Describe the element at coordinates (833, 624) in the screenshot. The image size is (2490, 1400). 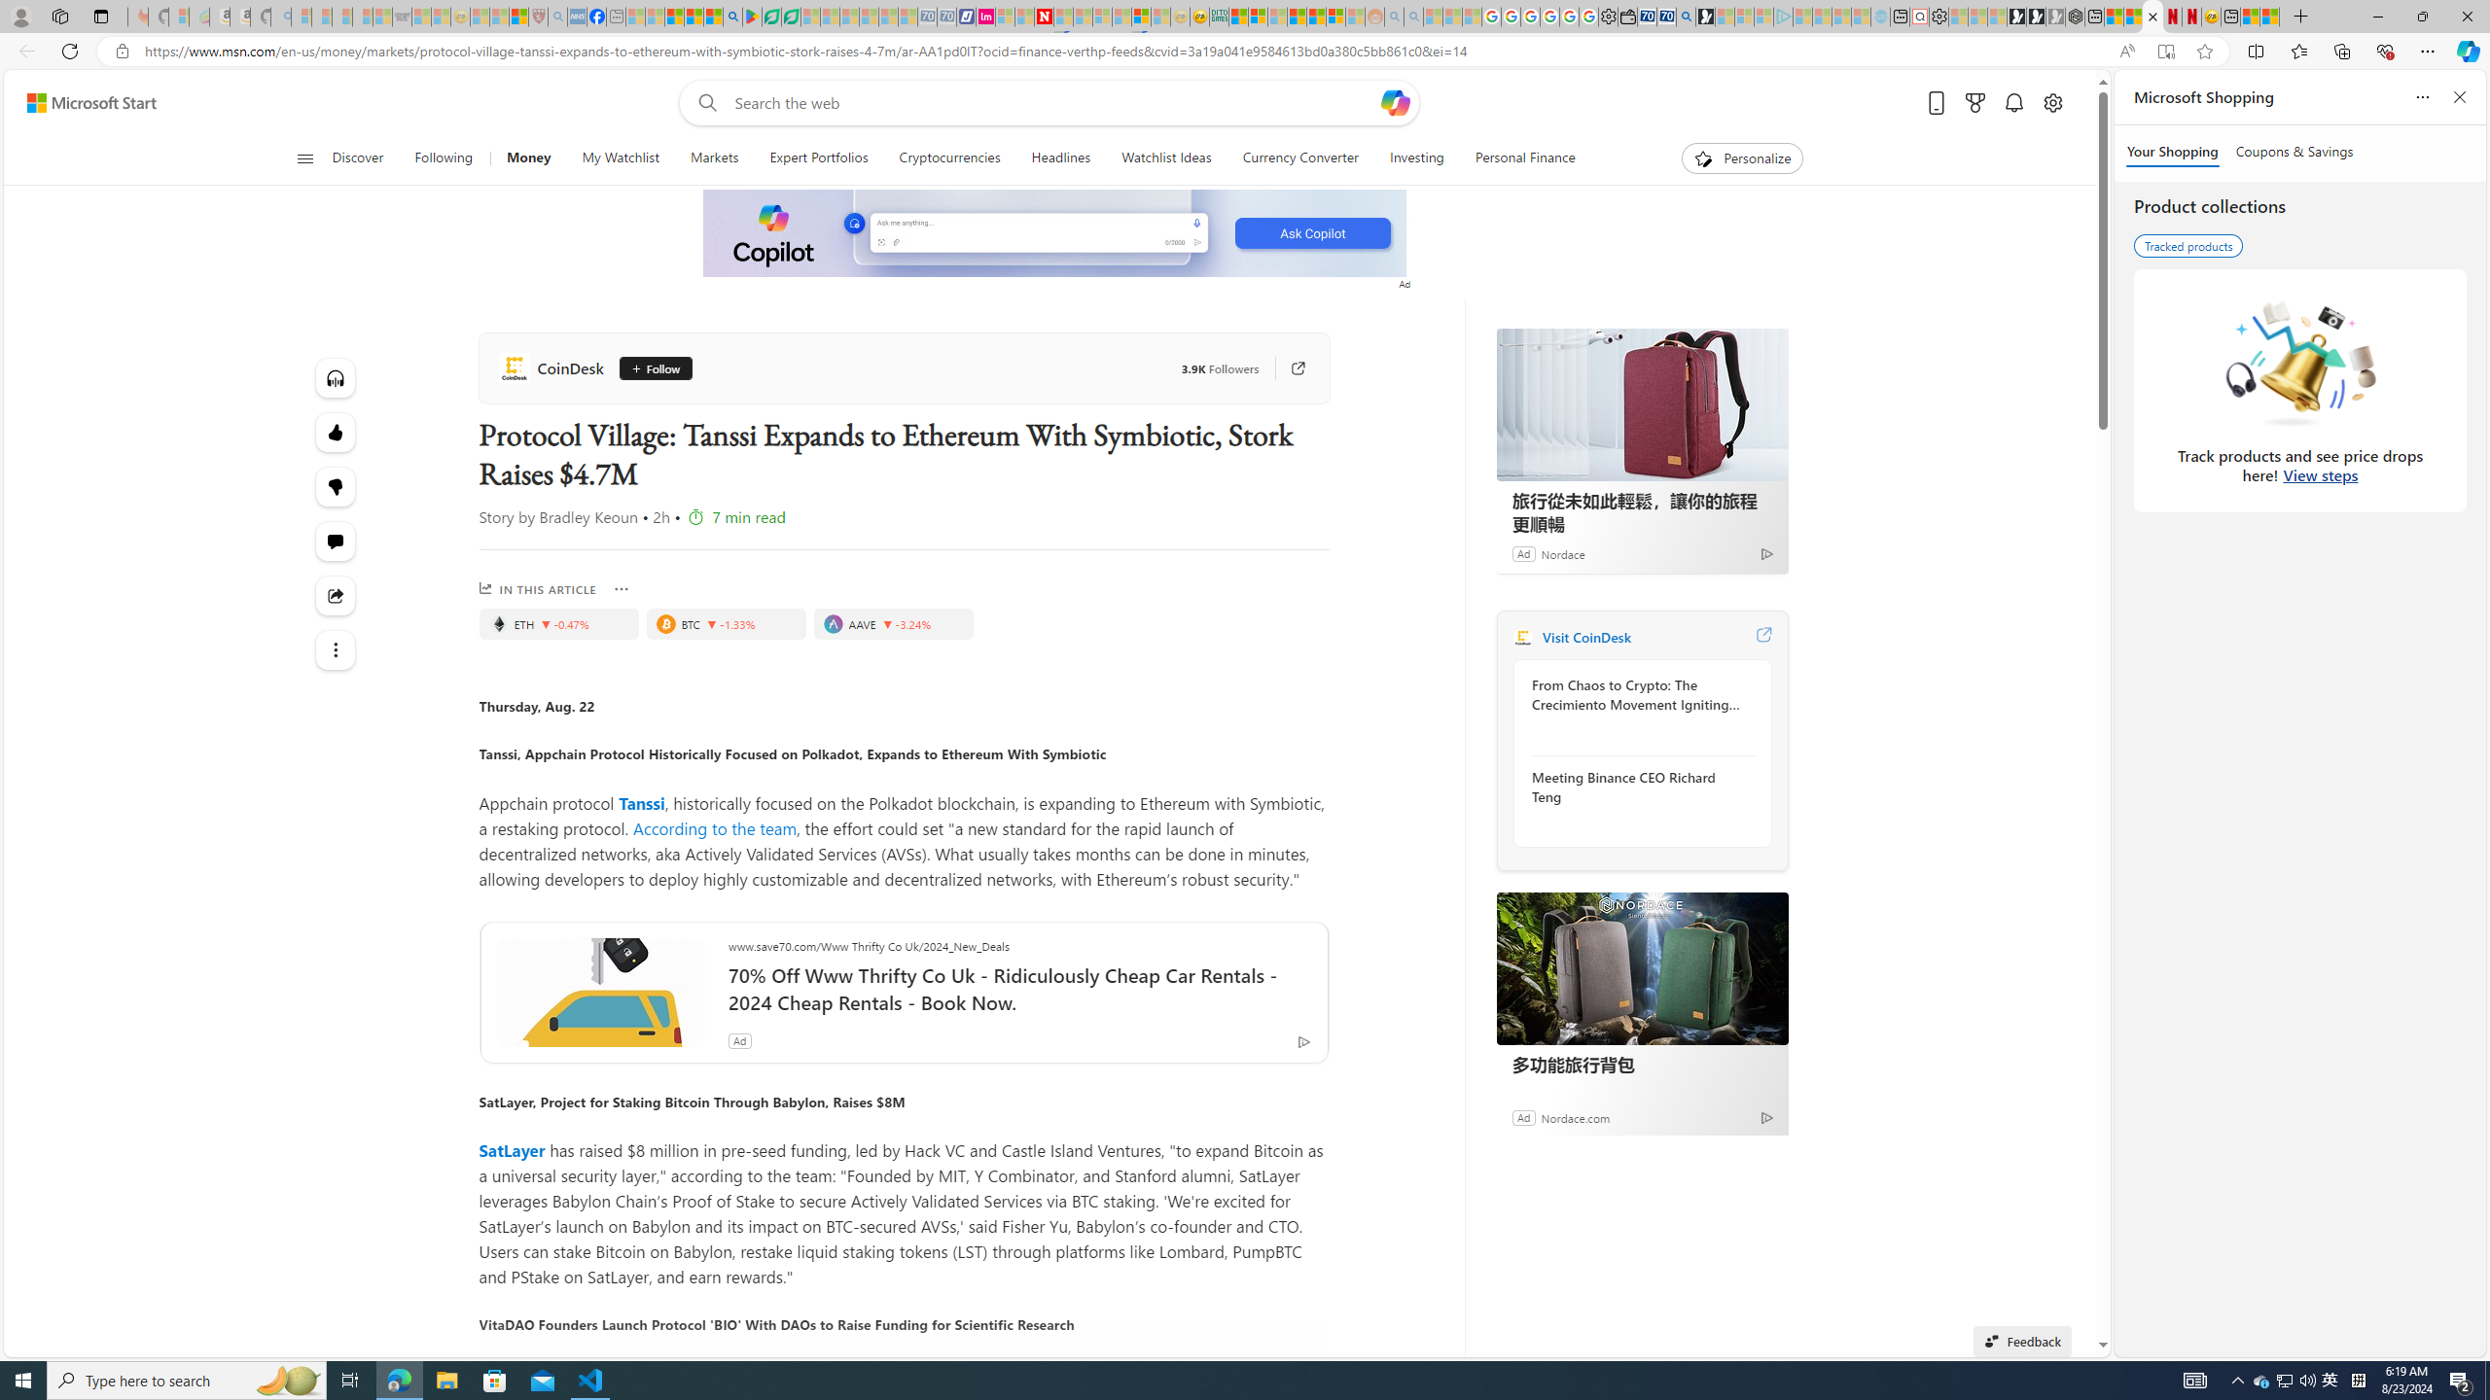
I see `'Aave'` at that location.